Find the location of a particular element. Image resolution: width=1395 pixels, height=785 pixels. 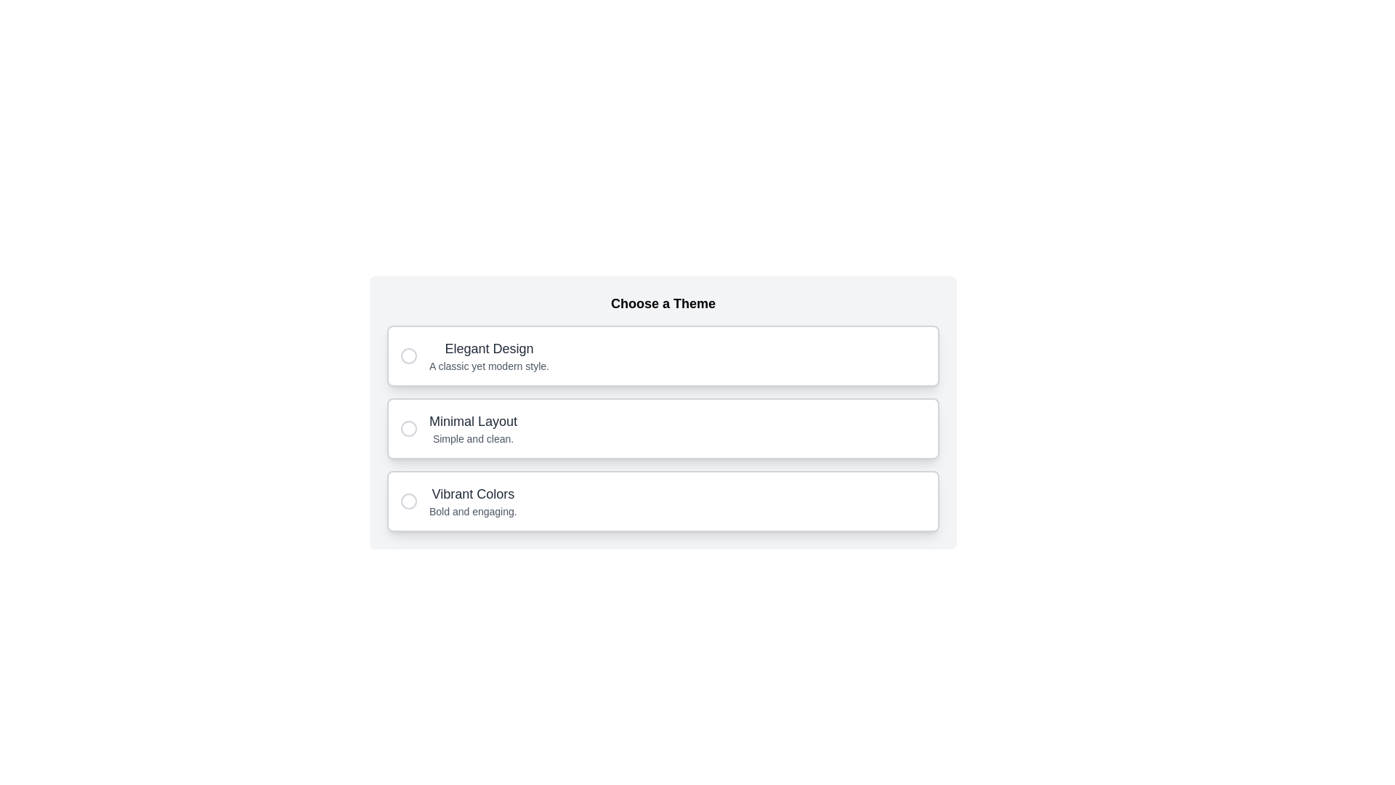

the 'Elegant Design' label, which is the first card in a vertical list is located at coordinates (488, 355).